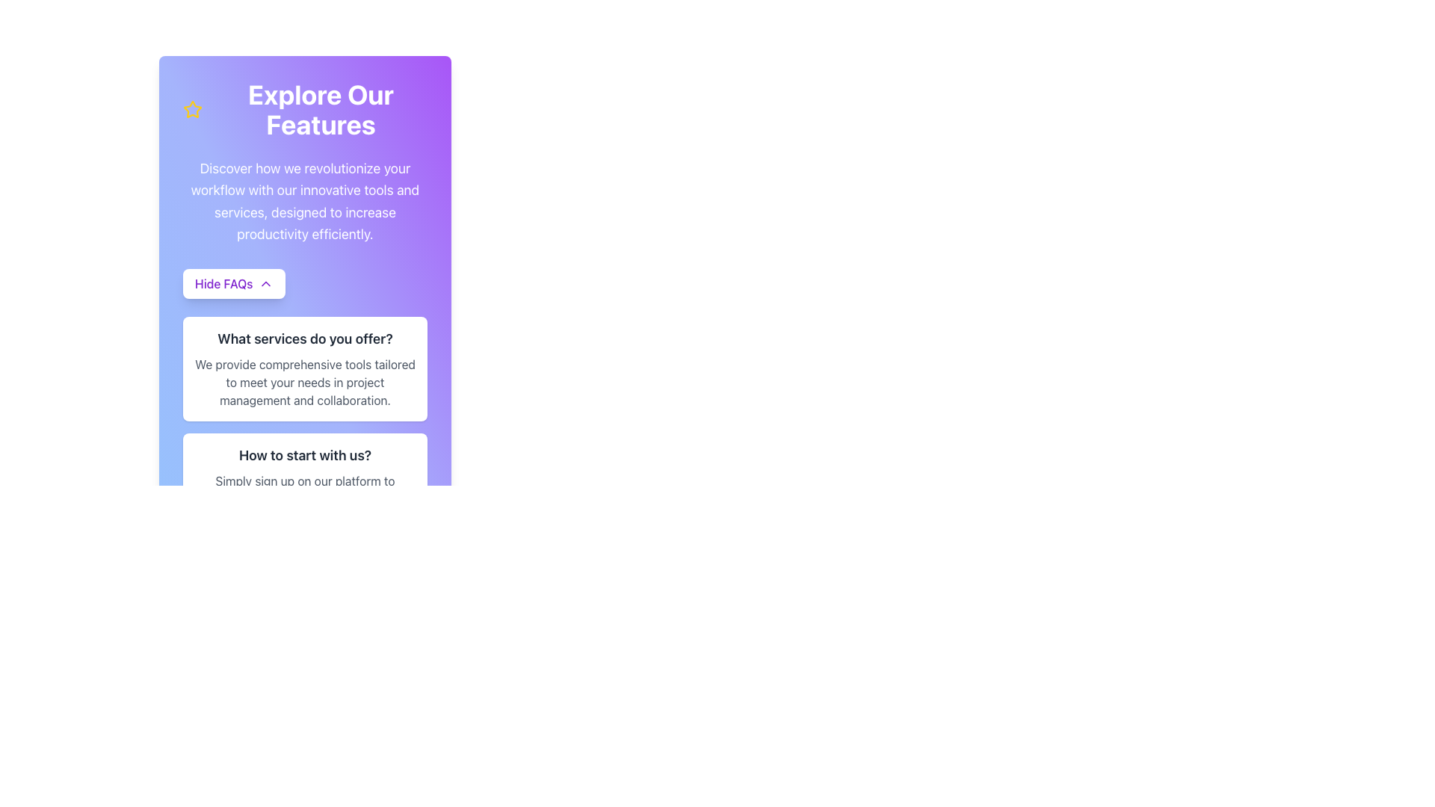  I want to click on heading text 'How to start with us?' which is styled in a larger font size and bold formatting, located at the top of an onboarding information card, so click(304, 454).